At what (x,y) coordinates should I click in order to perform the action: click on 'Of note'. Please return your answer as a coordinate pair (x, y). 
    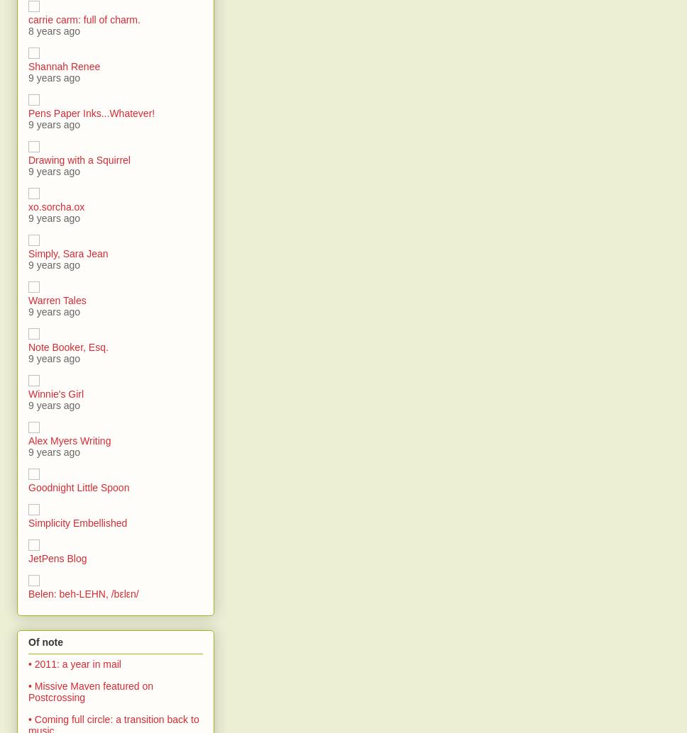
    Looking at the image, I should click on (45, 641).